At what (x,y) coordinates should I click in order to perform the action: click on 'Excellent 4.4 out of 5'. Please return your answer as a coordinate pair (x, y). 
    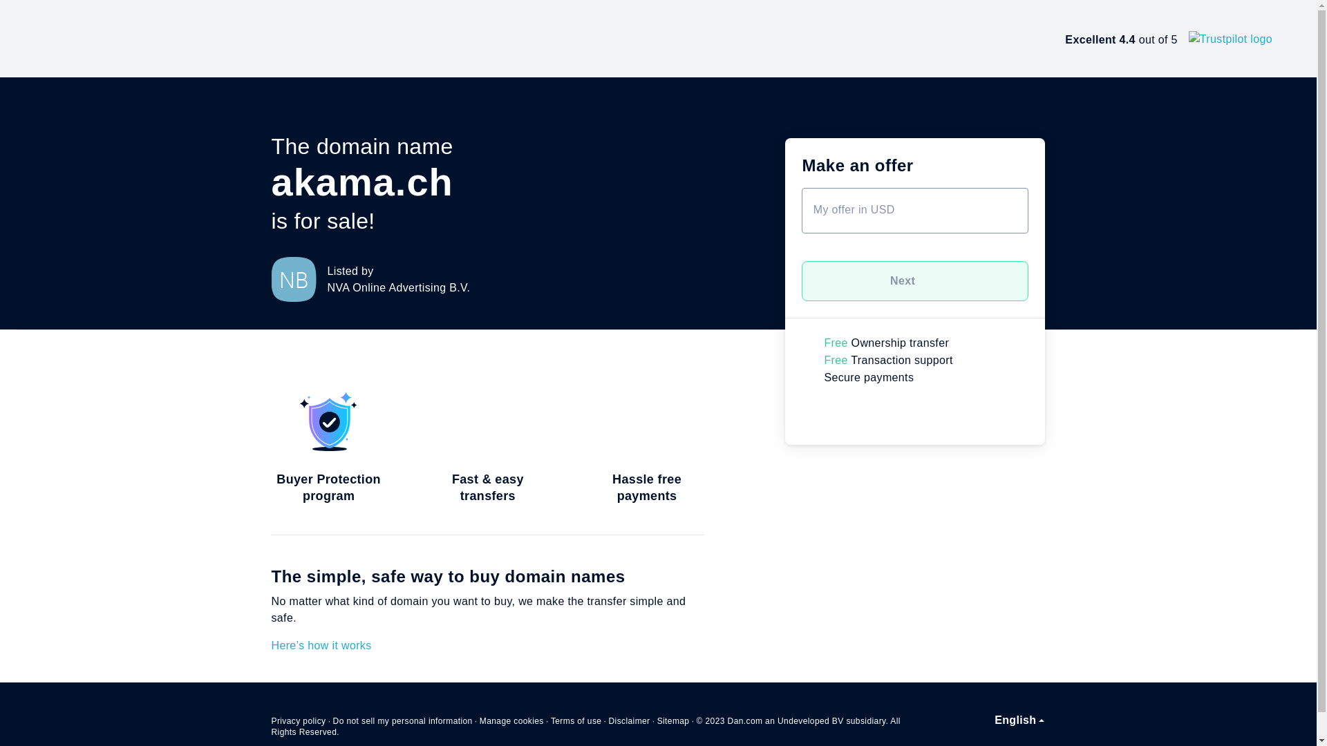
    Looking at the image, I should click on (1167, 38).